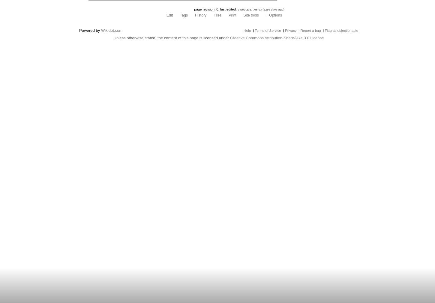 The height and width of the screenshot is (303, 435). I want to click on '9 Sep 2017, 05:03 (2250 days ago)', so click(261, 9).